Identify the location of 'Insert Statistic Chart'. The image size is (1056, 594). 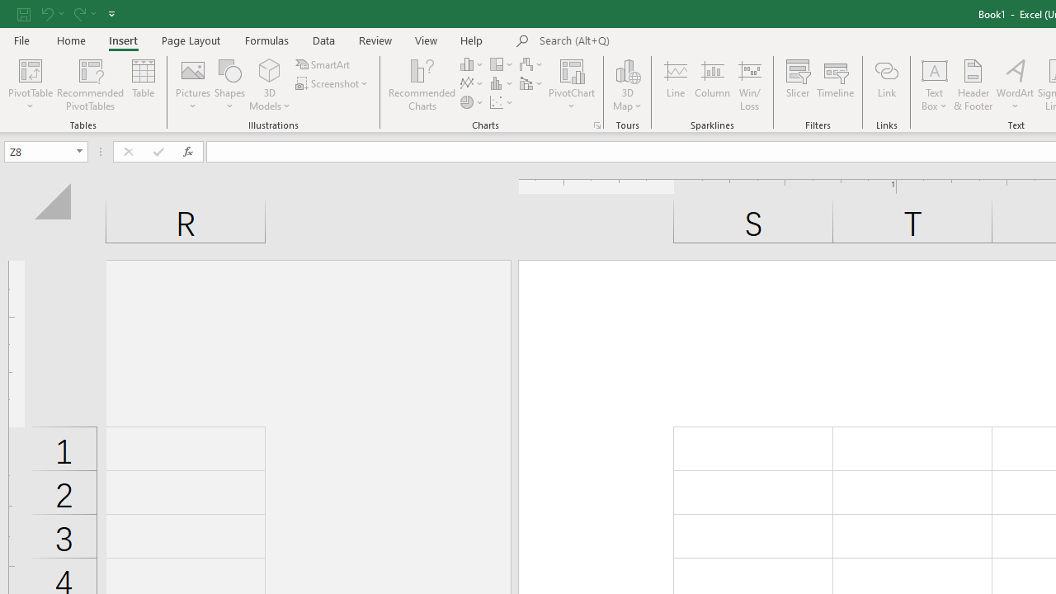
(502, 83).